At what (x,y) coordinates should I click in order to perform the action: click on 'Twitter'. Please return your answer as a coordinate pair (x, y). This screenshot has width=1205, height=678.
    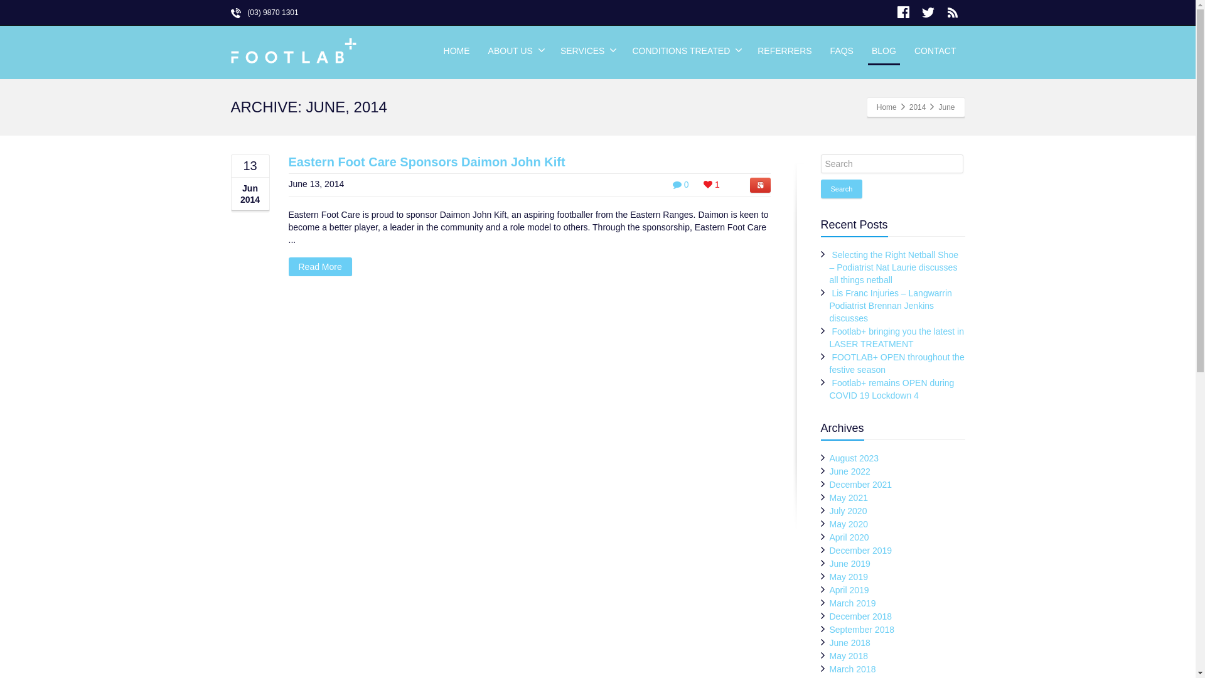
    Looking at the image, I should click on (928, 12).